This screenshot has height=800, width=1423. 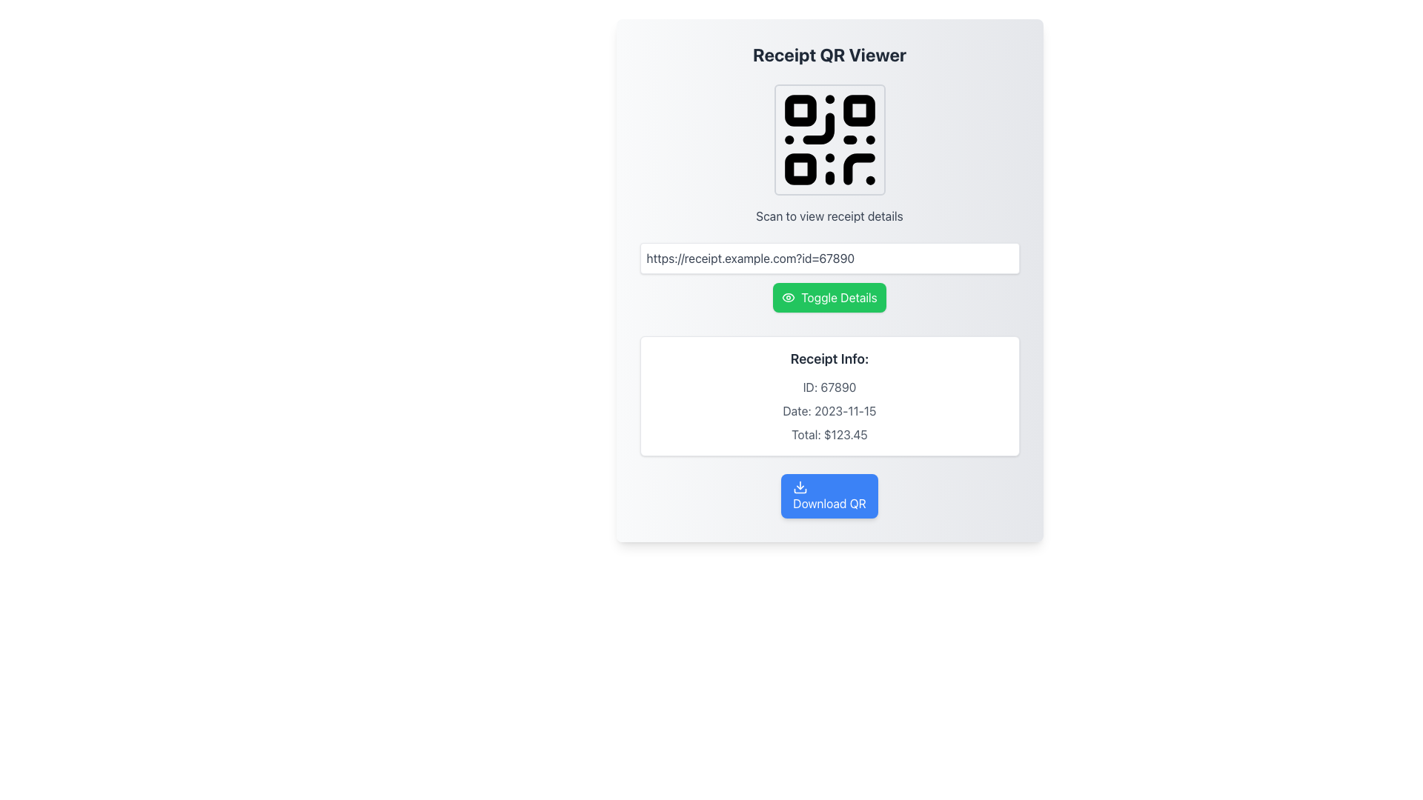 What do you see at coordinates (829, 277) in the screenshot?
I see `the green 'Toggle Details' button with an eye icon, located below the URL input box` at bounding box center [829, 277].